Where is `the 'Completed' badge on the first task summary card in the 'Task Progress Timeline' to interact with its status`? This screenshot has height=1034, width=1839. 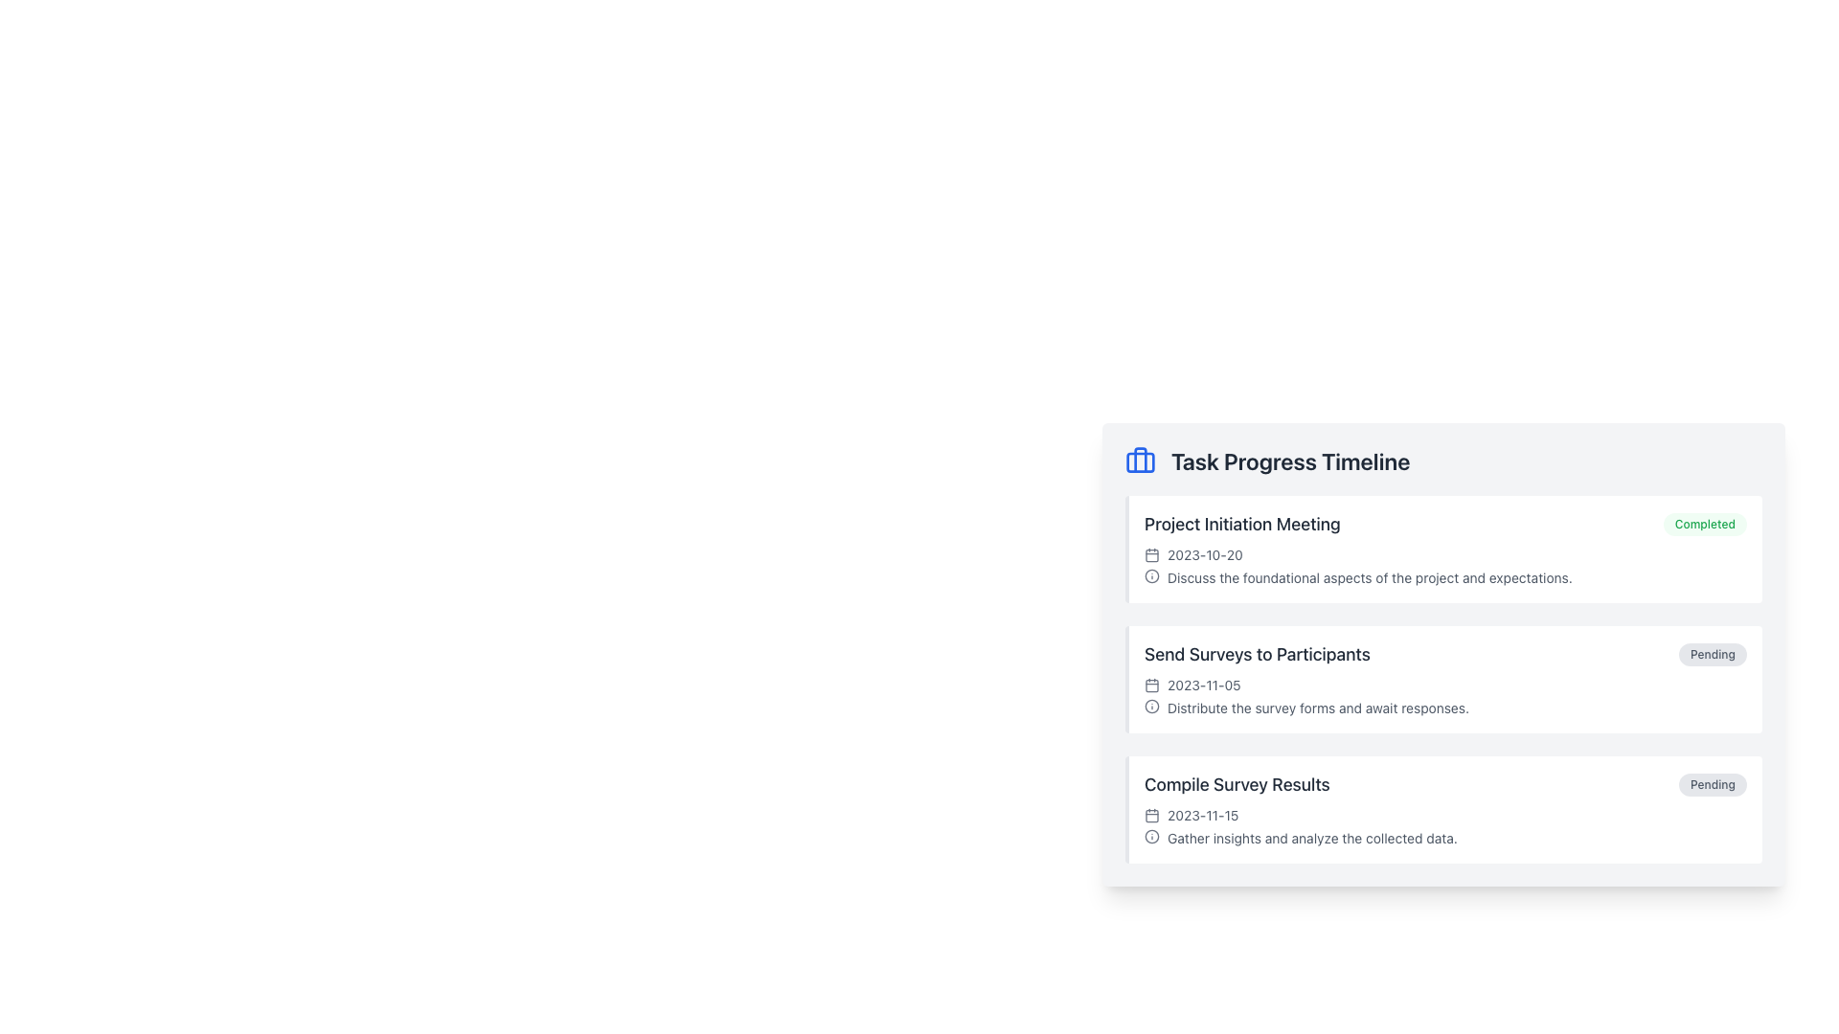 the 'Completed' badge on the first task summary card in the 'Task Progress Timeline' to interact with its status is located at coordinates (1443, 550).